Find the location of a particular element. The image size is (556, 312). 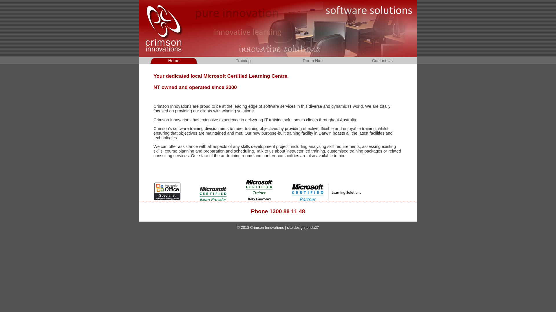

'Training' is located at coordinates (243, 60).